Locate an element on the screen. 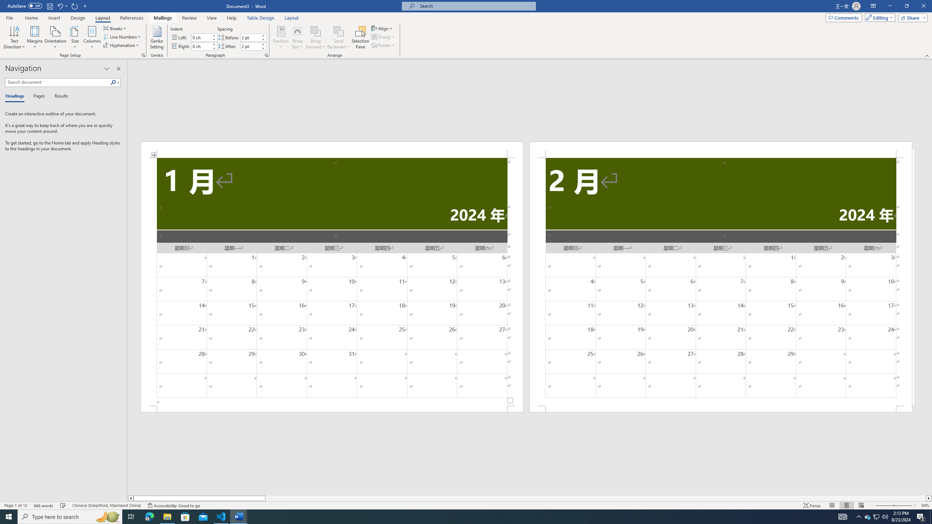 The width and height of the screenshot is (932, 524). 'Header -Section 2-' is located at coordinates (721, 149).